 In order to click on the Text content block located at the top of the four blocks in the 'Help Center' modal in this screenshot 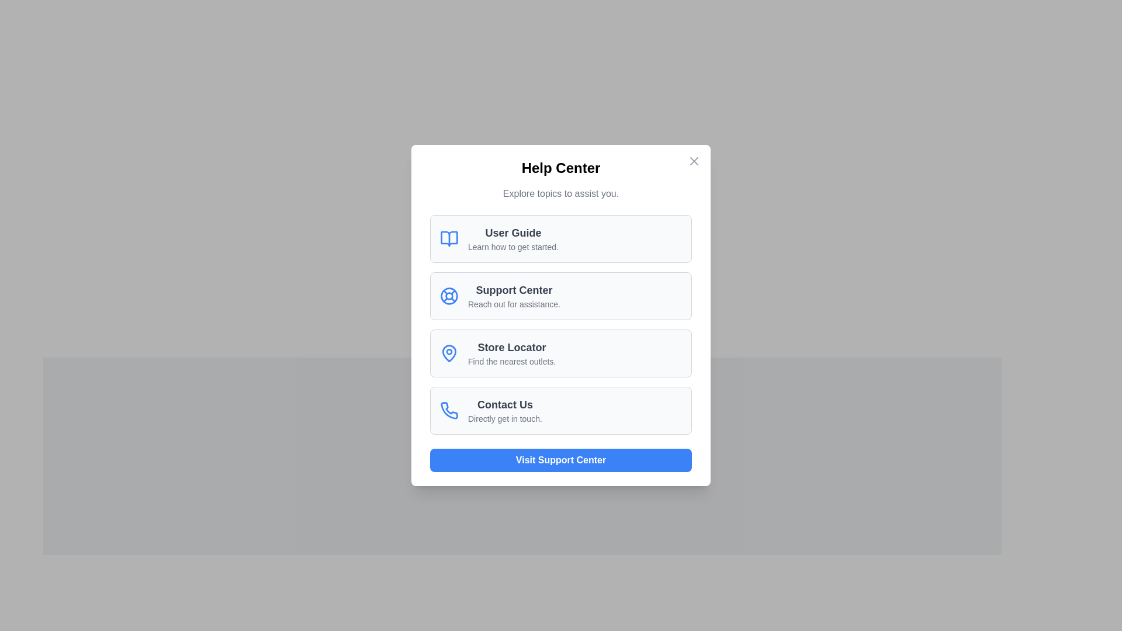, I will do `click(513, 238)`.